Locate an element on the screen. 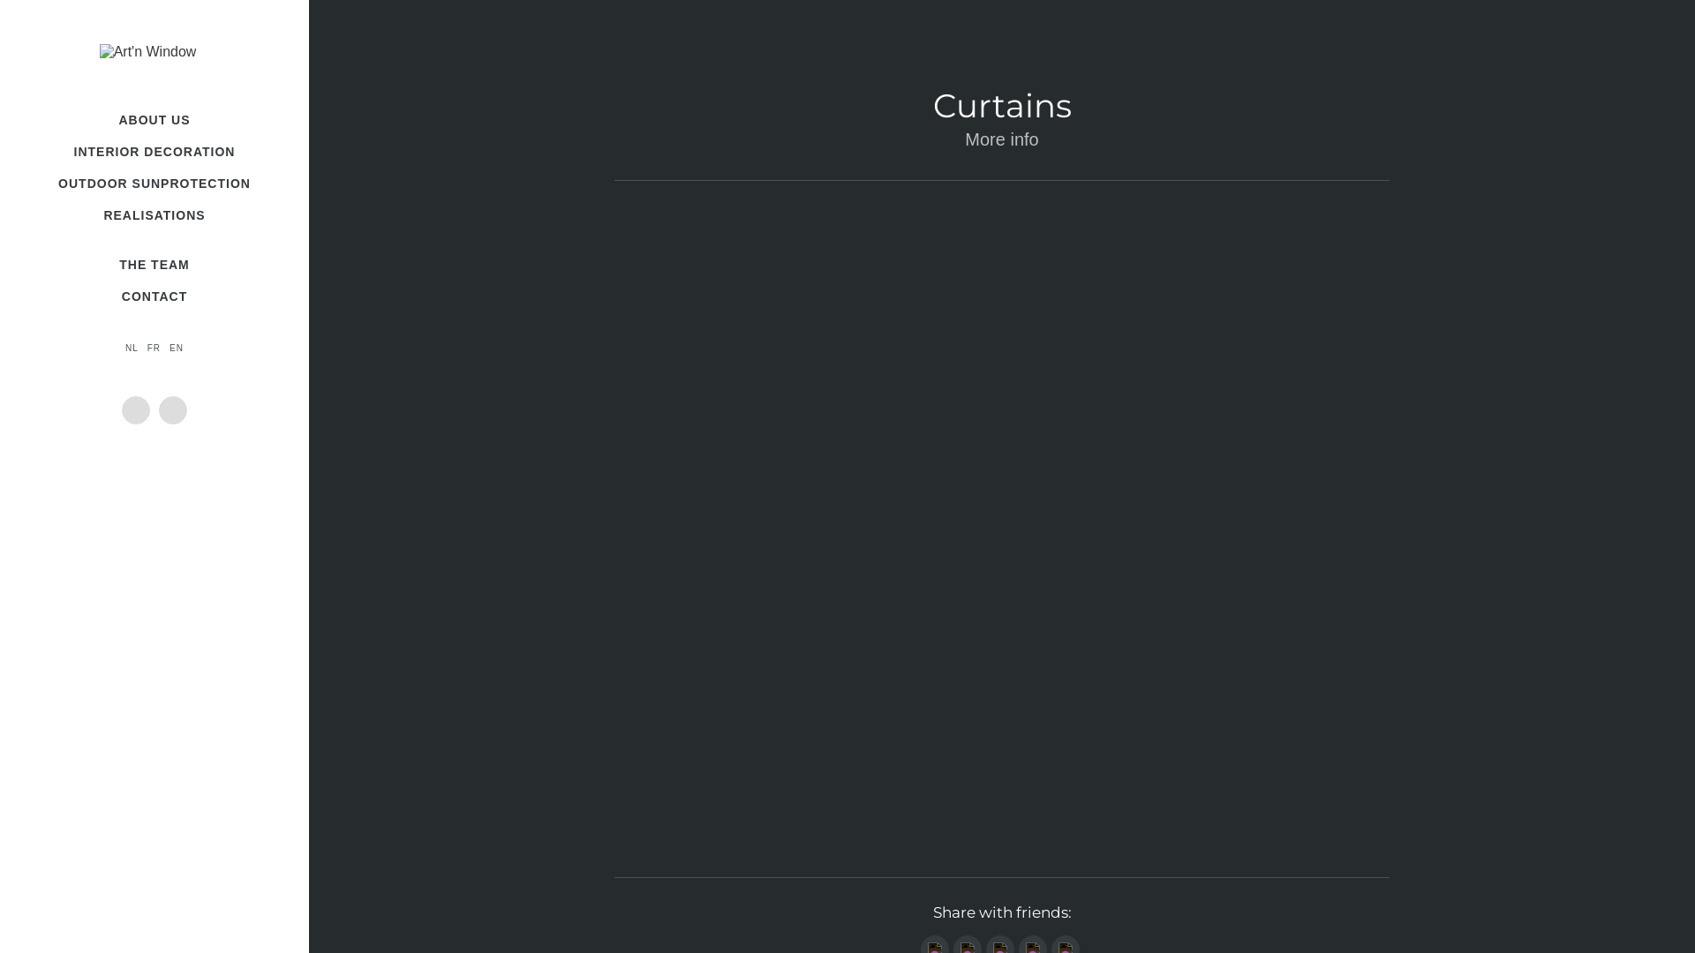 This screenshot has width=1695, height=953. 'EN' is located at coordinates (177, 348).